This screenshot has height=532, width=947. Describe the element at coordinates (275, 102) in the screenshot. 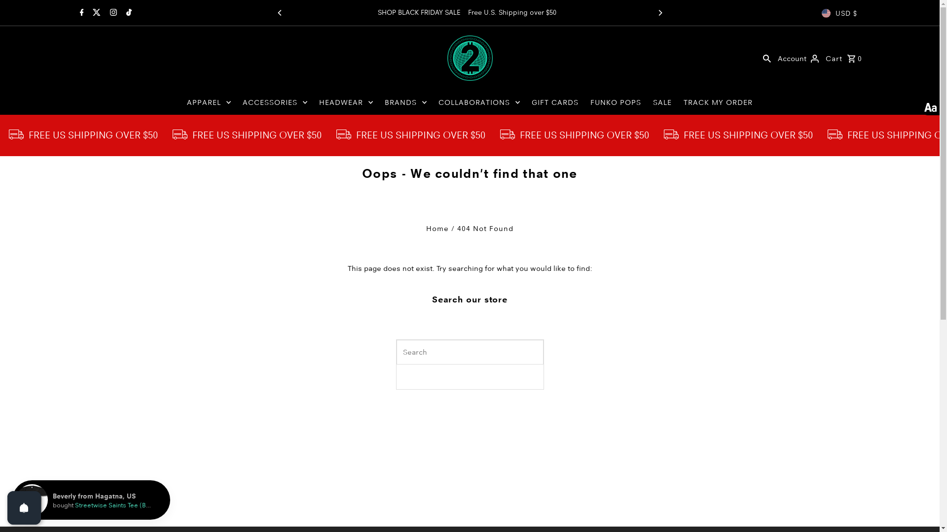

I see `'ACCESSORIES'` at that location.